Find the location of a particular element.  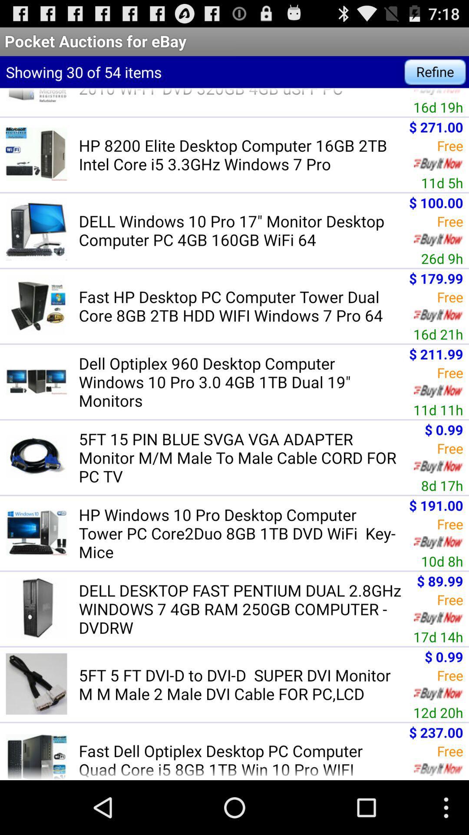

the item below the 11d 11h icon is located at coordinates (243, 457).